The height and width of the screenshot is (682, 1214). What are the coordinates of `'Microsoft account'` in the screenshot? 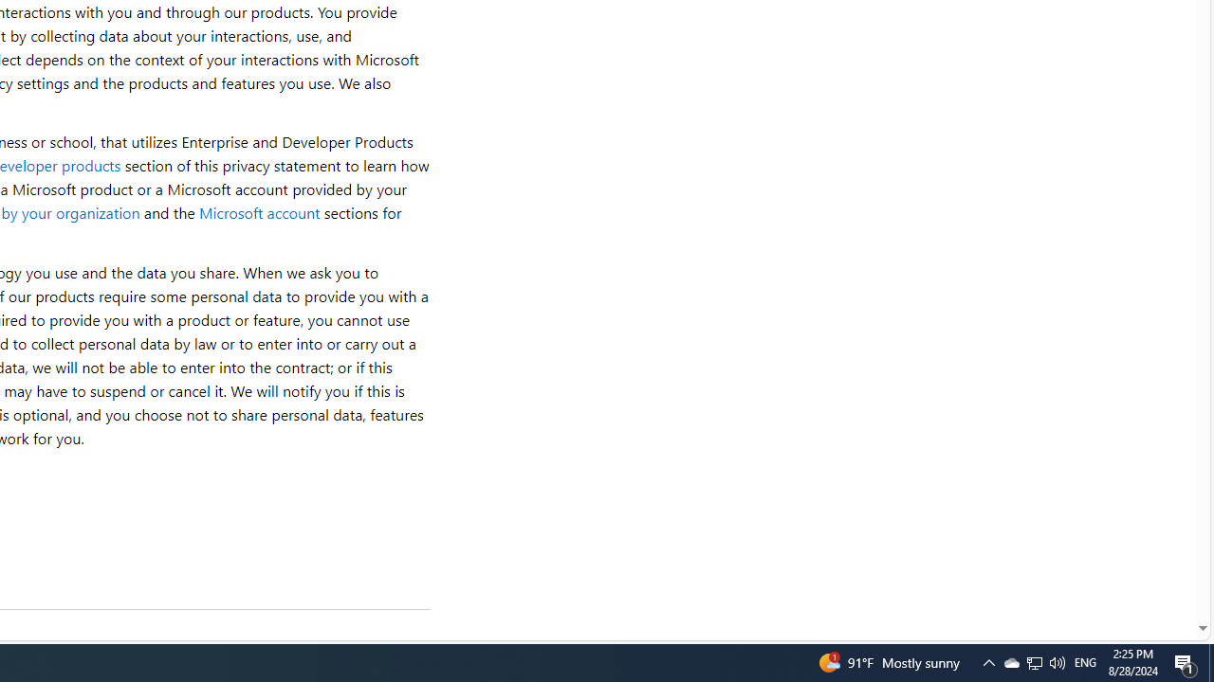 It's located at (258, 213).